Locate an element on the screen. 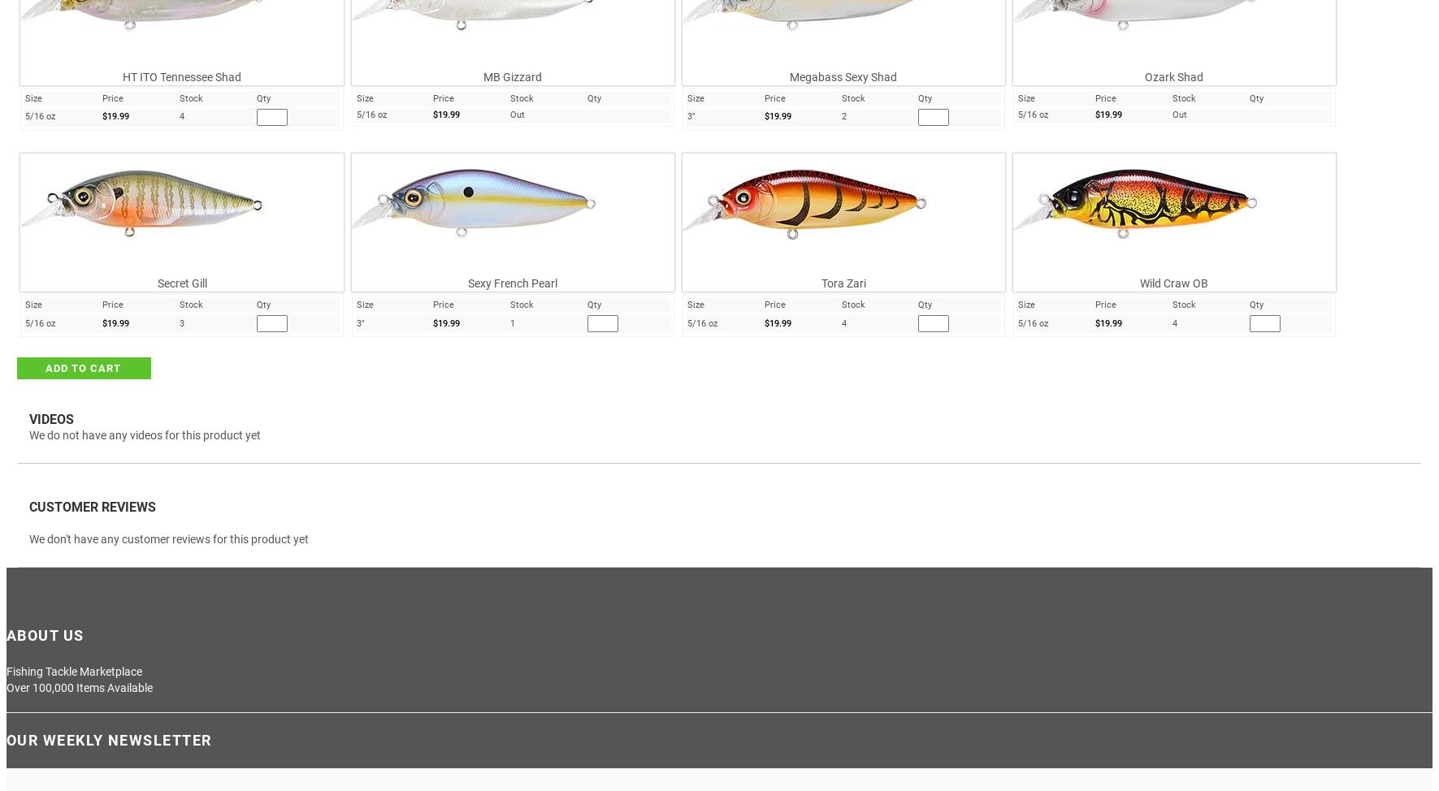 The width and height of the screenshot is (1439, 791). 'VIDEOS' is located at coordinates (50, 419).